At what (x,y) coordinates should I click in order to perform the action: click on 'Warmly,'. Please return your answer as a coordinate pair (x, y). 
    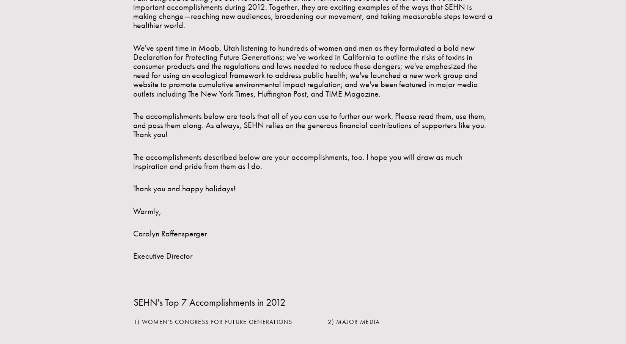
    Looking at the image, I should click on (147, 210).